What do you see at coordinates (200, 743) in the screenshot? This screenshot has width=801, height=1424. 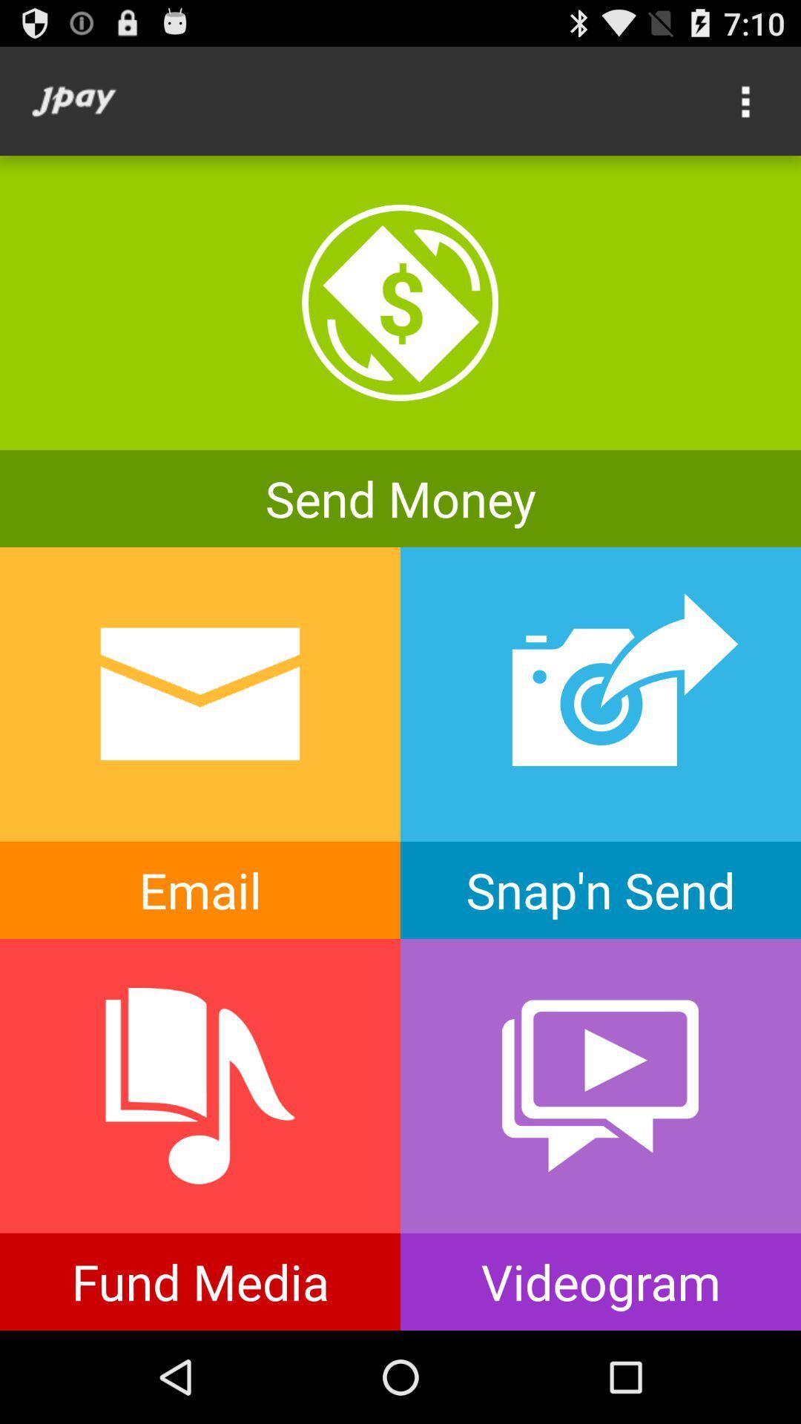 I see `email the article` at bounding box center [200, 743].